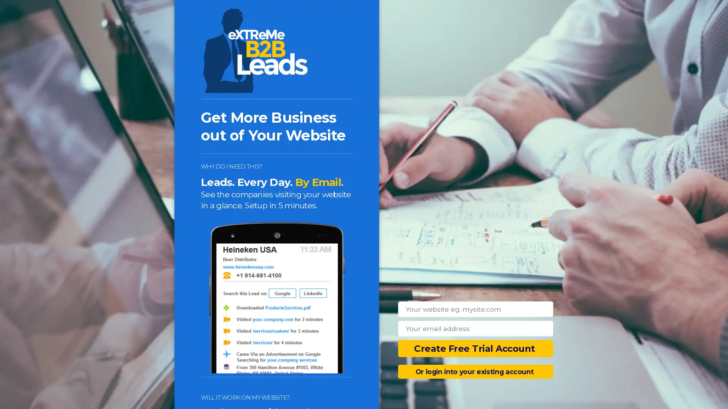 The image size is (728, 409). I want to click on Create Free Trial Account, so click(475, 348).